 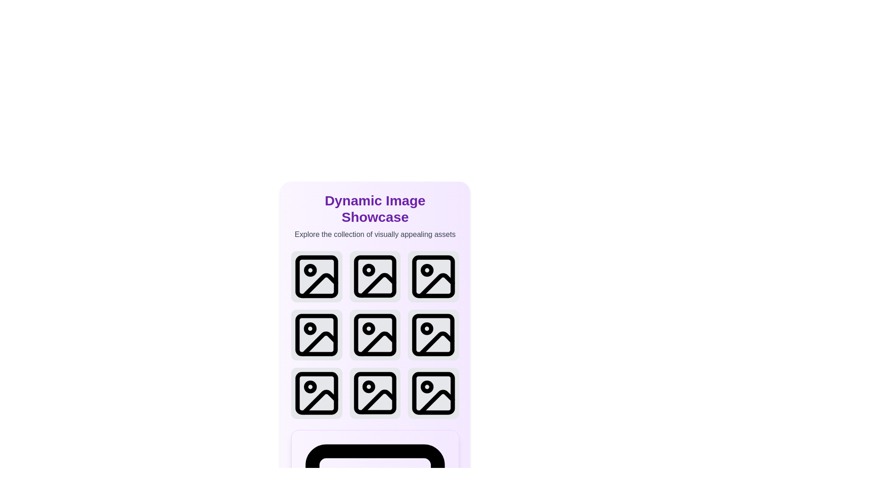 What do you see at coordinates (375, 335) in the screenshot?
I see `the rectangle located in the top-left corner of the middle square image icon in the second row of a 3x3 grid` at bounding box center [375, 335].